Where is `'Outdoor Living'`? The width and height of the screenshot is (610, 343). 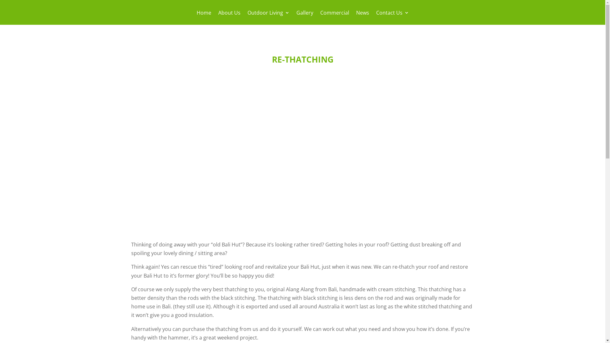
'Outdoor Living' is located at coordinates (268, 17).